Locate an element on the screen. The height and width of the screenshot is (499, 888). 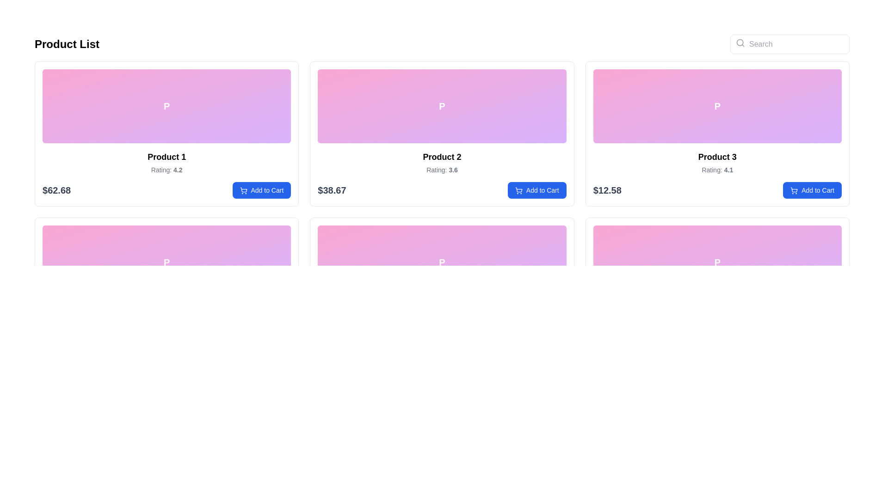
the static text label that conveys the rating score of 'Product 1', located to the right of the text 'Rating:' in the lower section of the boxed area is located at coordinates (178, 170).